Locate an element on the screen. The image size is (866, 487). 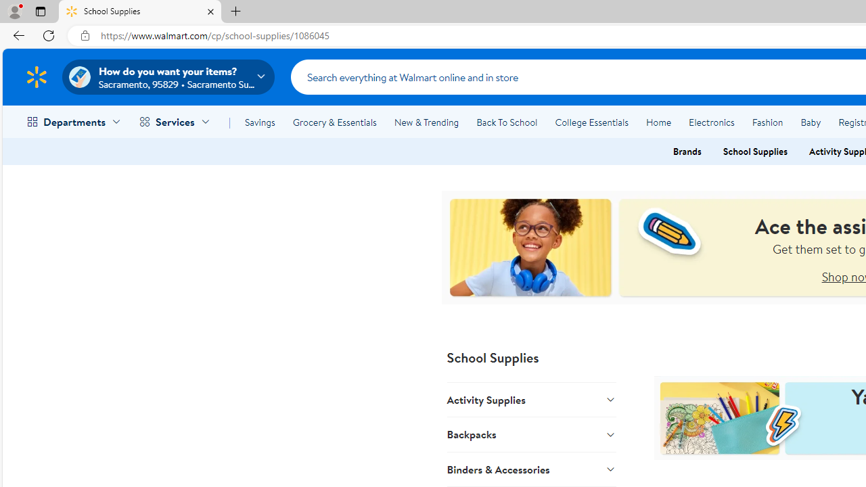
'Activity Supplies' is located at coordinates (530, 399).